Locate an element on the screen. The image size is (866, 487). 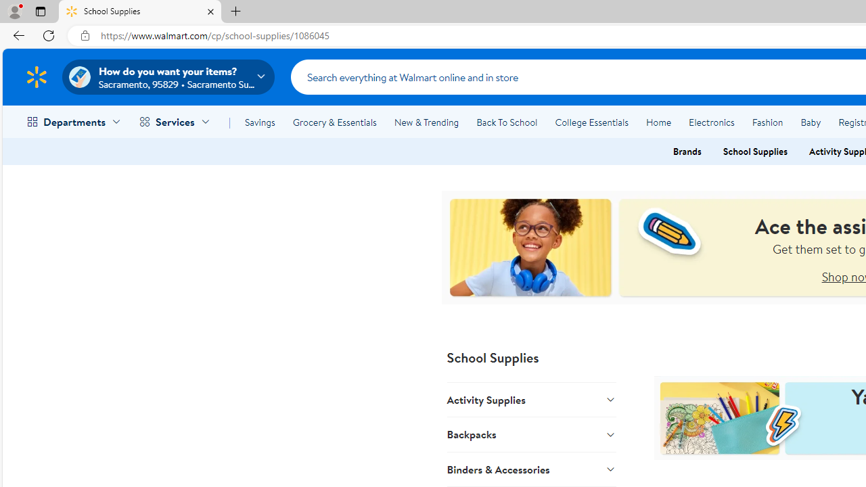
'Activity Supplies' is located at coordinates (530, 399).